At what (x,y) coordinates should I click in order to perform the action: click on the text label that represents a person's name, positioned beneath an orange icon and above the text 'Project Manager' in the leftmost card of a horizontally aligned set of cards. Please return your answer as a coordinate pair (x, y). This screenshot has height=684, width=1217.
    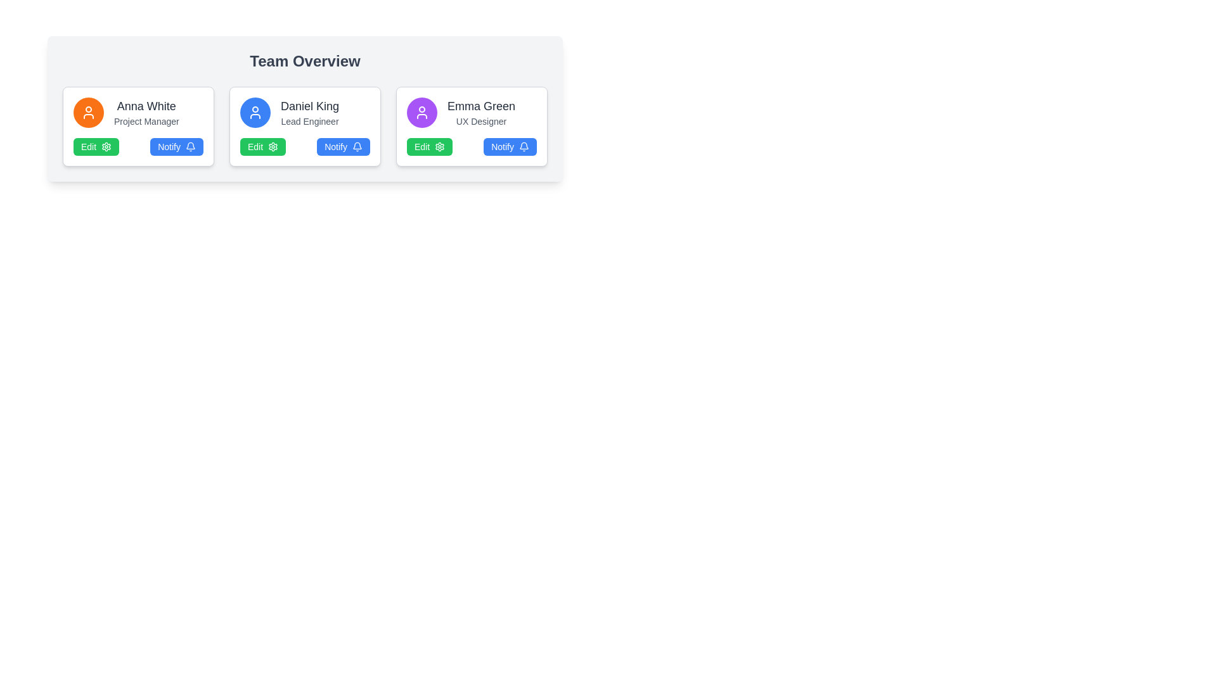
    Looking at the image, I should click on (146, 106).